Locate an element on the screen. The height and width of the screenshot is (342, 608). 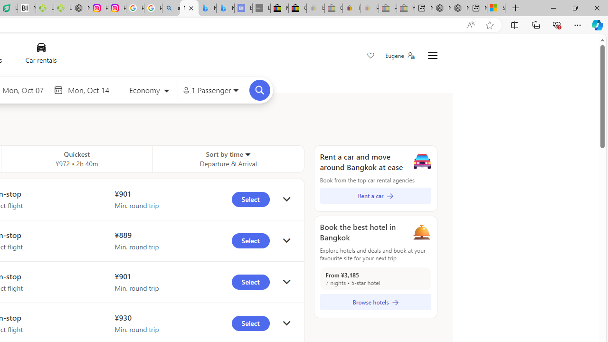
'alabama high school quarterback dies - Search' is located at coordinates (171, 8).